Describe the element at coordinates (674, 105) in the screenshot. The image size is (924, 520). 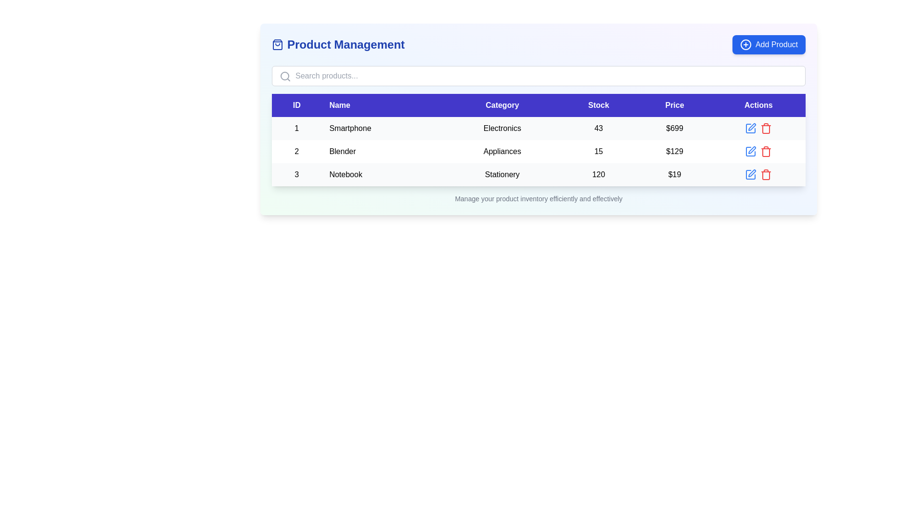
I see `the 'Price' text label, which is the fifth column header in a table, styled in white text on a purple background, located centrally above the 'Price' column` at that location.